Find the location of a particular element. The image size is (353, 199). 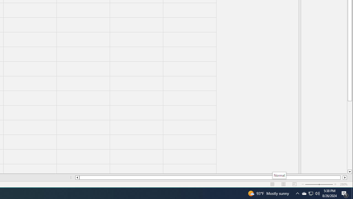

'Line down' is located at coordinates (349, 172).